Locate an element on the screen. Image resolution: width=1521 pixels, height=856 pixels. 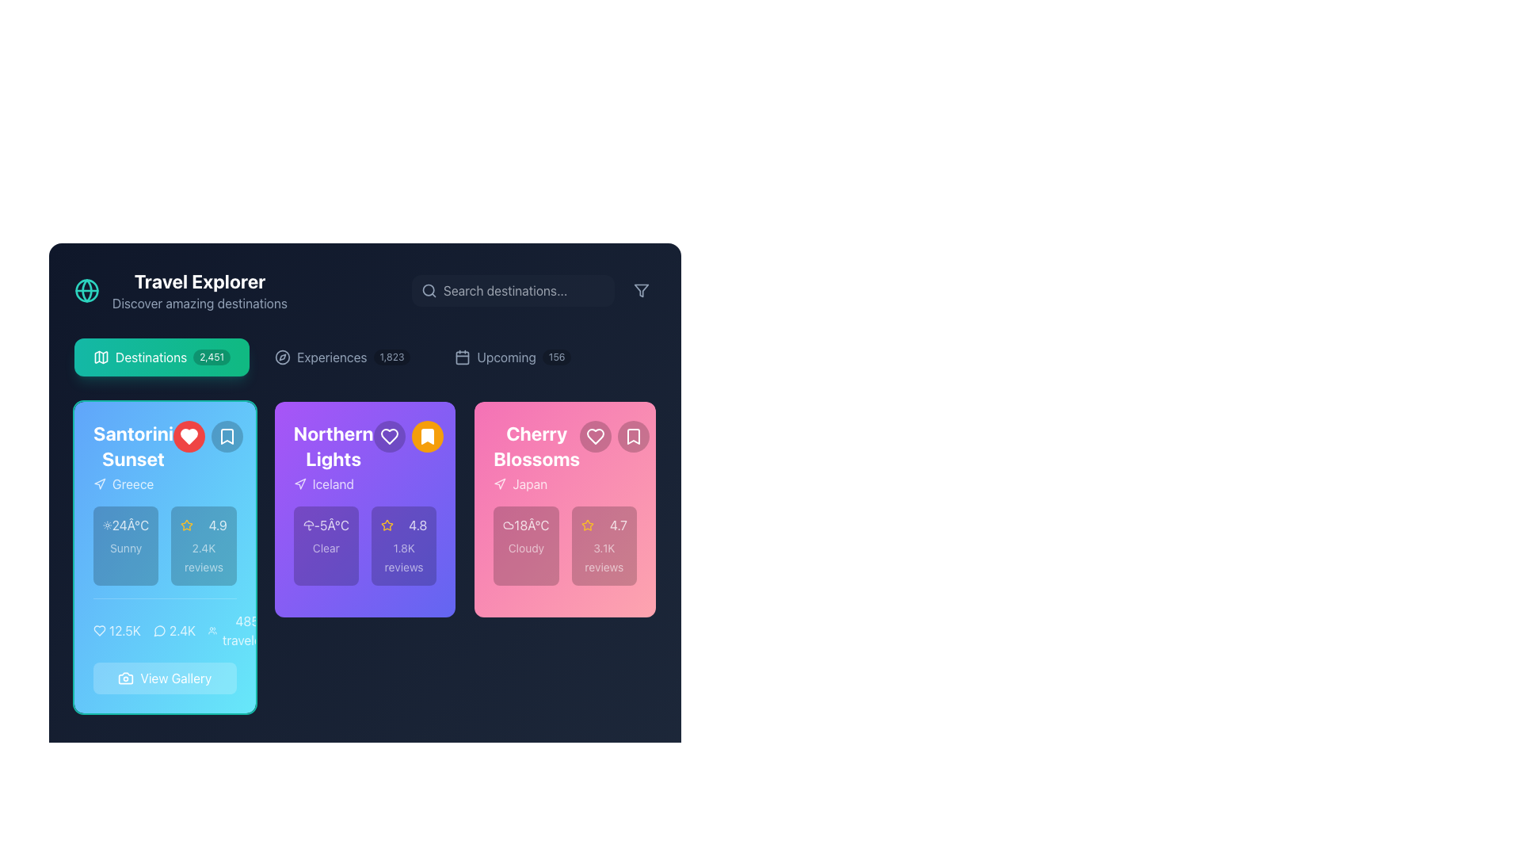
the Text label that serves as a descriptive title for the button related to destinations is located at coordinates (151, 357).